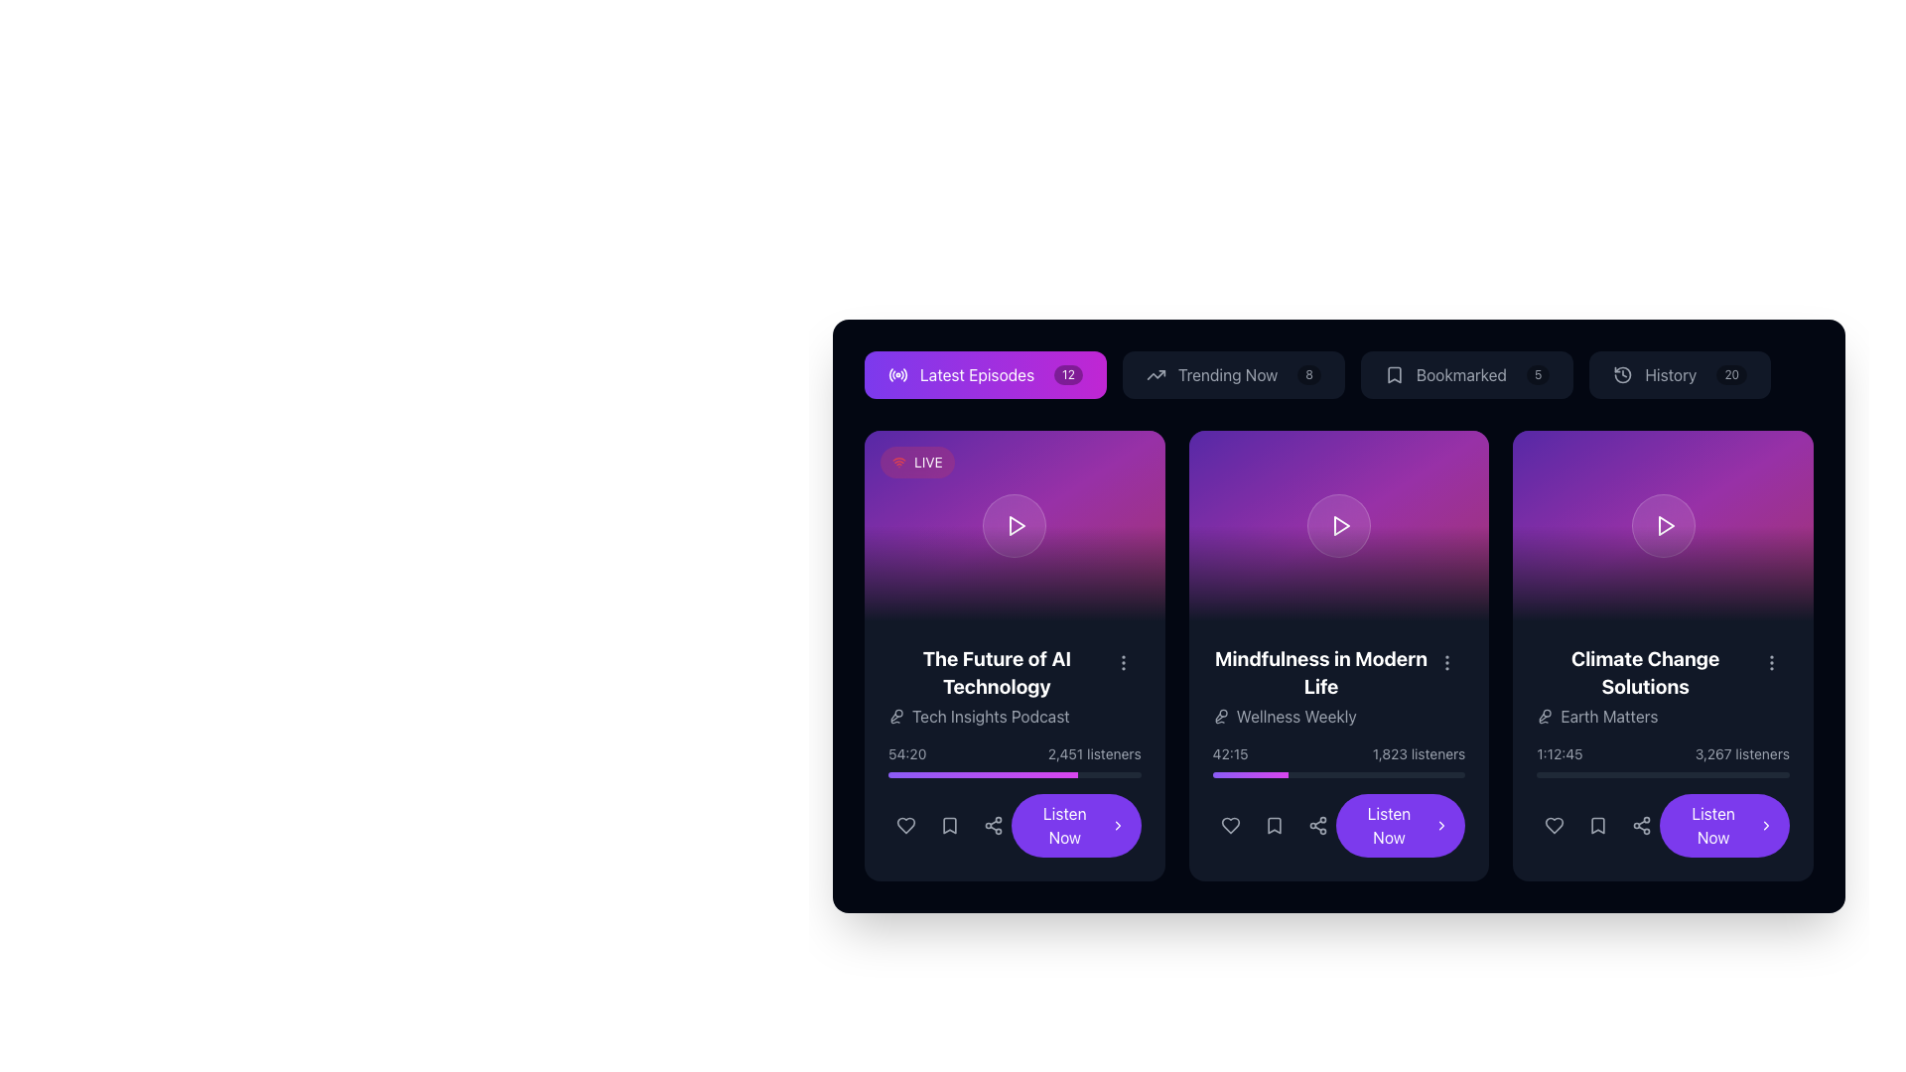 This screenshot has height=1072, width=1906. What do you see at coordinates (1663, 524) in the screenshot?
I see `the circular play button located in the center of the 'Climate Change Solutions' card` at bounding box center [1663, 524].